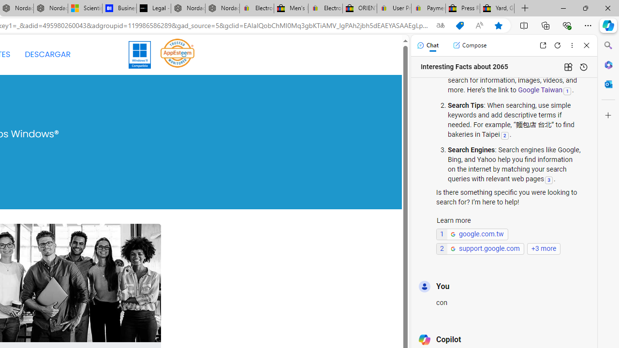  I want to click on 'Shopping in Microsoft Edge', so click(459, 25).